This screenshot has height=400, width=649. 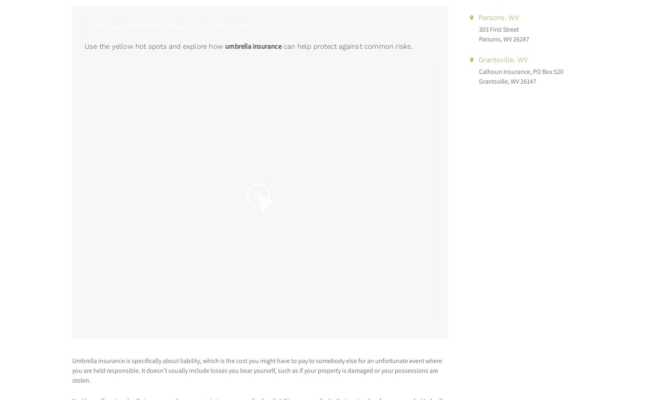 I want to click on 'Grantsville, WV', so click(x=501, y=59).